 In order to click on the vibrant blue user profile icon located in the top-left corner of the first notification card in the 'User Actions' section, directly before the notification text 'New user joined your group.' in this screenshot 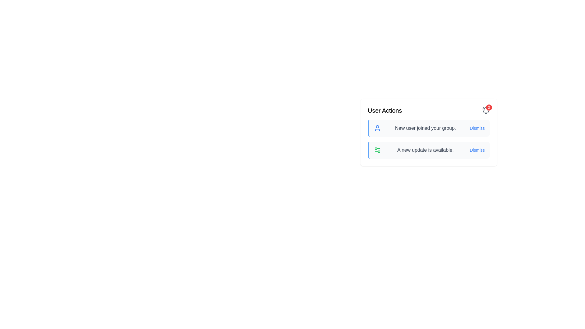, I will do `click(377, 128)`.